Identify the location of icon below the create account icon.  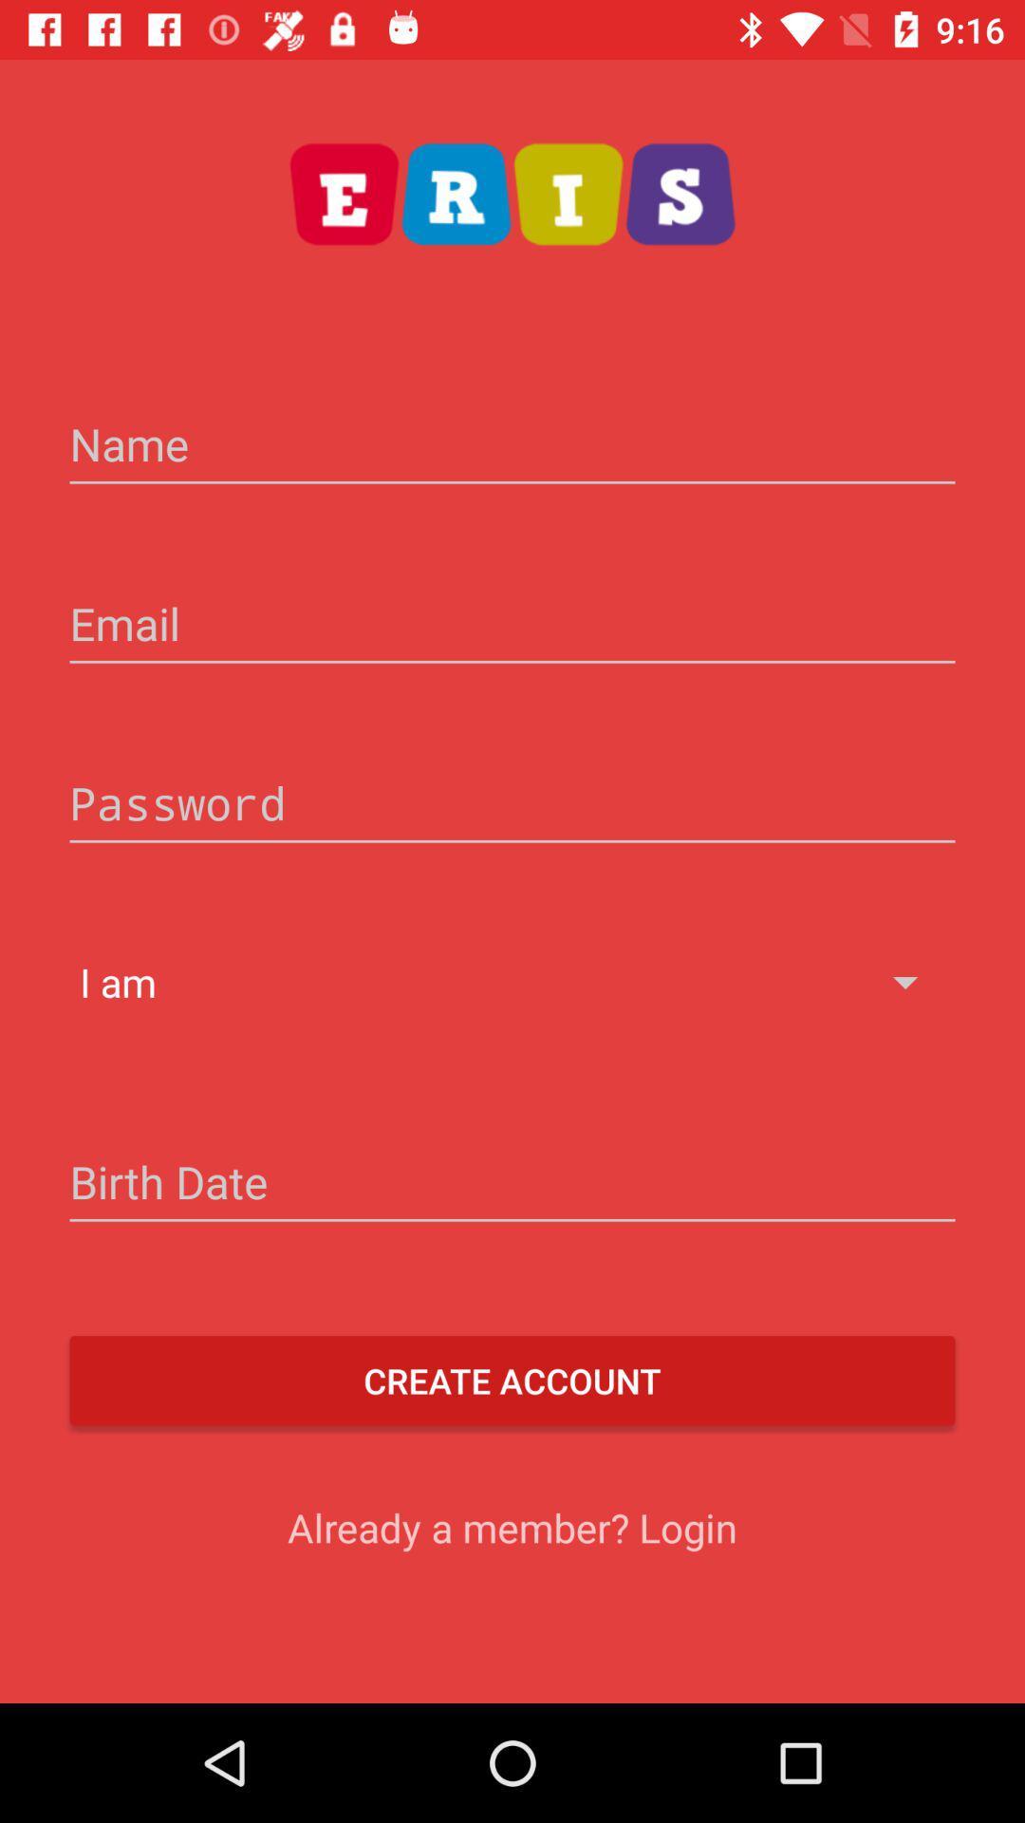
(512, 1527).